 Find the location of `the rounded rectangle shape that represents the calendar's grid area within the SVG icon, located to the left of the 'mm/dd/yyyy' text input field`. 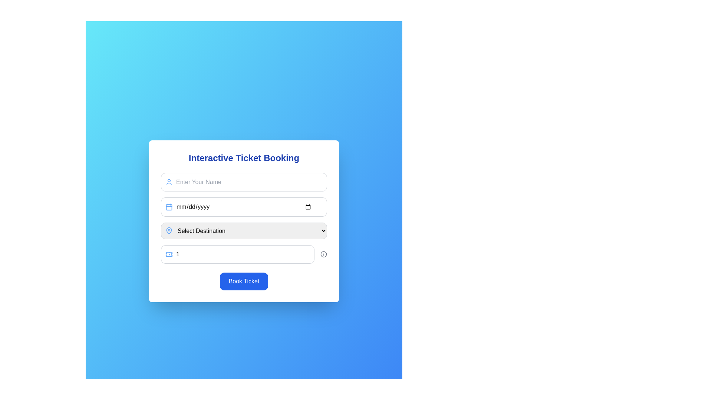

the rounded rectangle shape that represents the calendar's grid area within the SVG icon, located to the left of the 'mm/dd/yyyy' text input field is located at coordinates (169, 207).